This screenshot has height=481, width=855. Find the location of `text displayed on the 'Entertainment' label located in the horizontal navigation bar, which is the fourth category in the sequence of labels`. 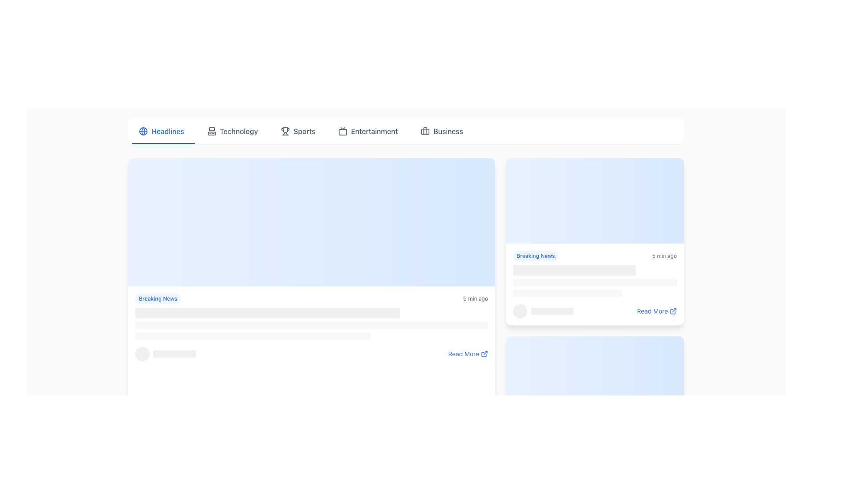

text displayed on the 'Entertainment' label located in the horizontal navigation bar, which is the fourth category in the sequence of labels is located at coordinates (374, 131).